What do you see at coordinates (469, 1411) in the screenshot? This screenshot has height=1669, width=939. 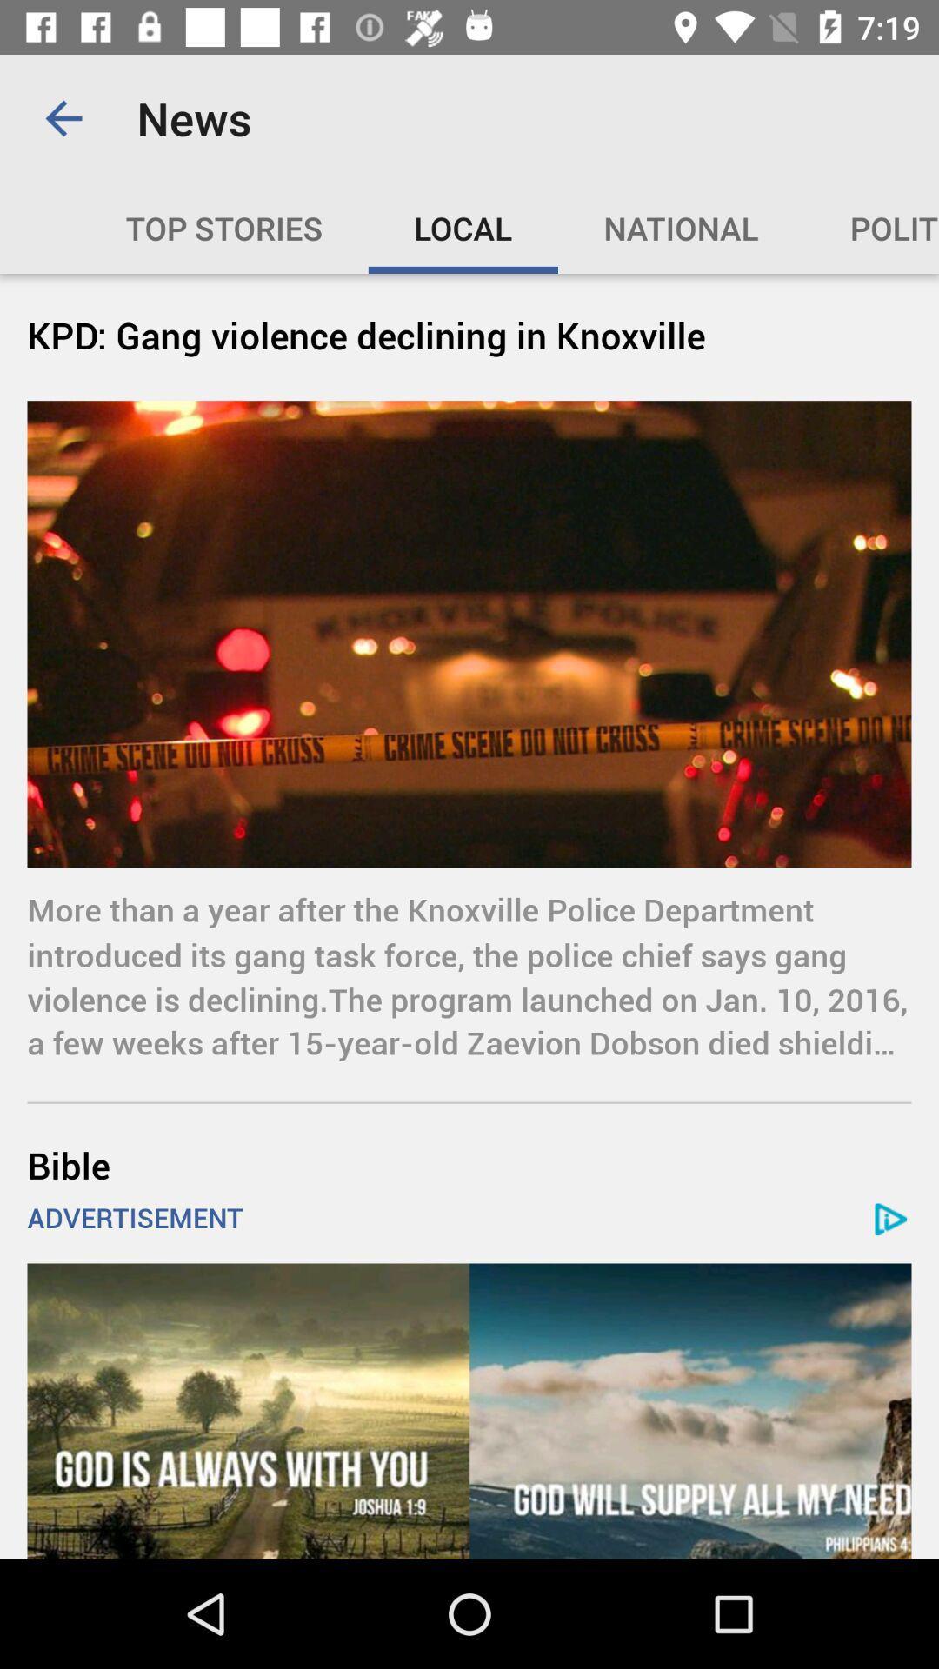 I see `advertisement` at bounding box center [469, 1411].